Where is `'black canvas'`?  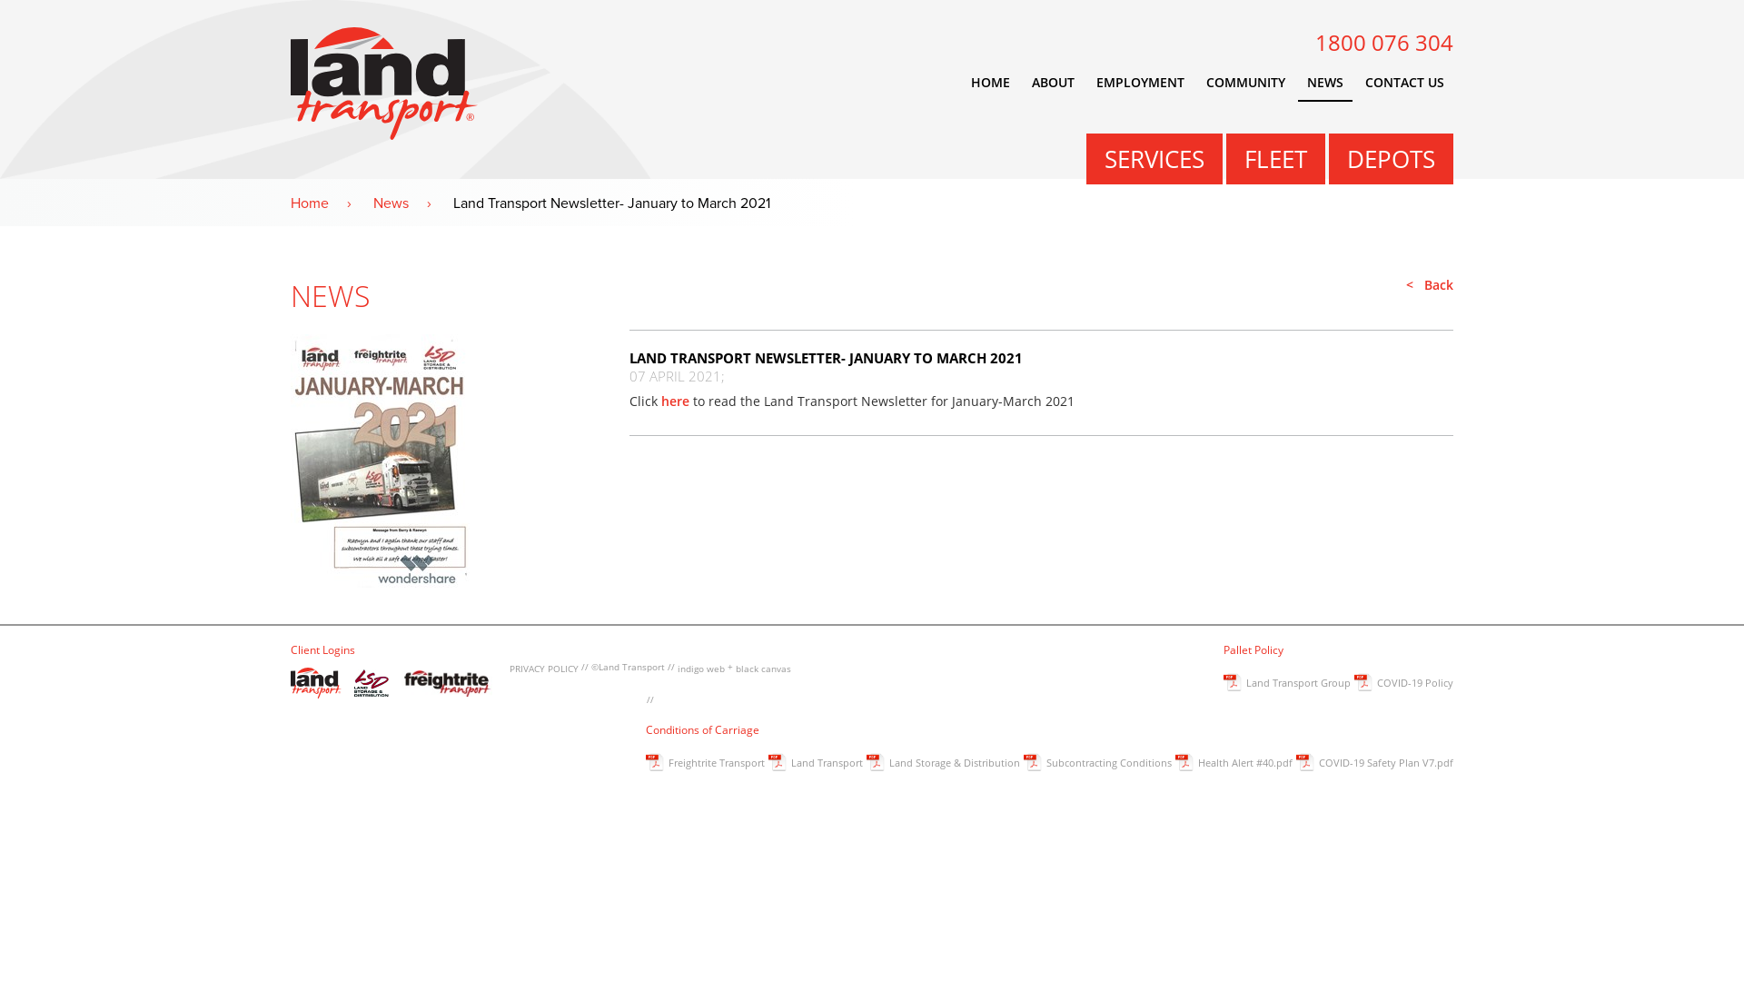 'black canvas' is located at coordinates (763, 669).